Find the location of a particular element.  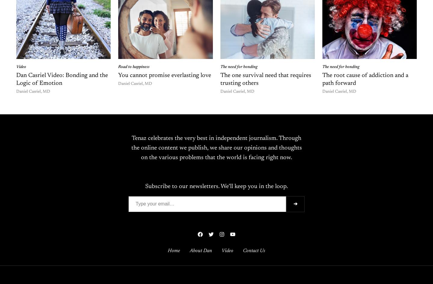

'Subscribe to our newsletters. We’ll keep you in the loop.' is located at coordinates (144, 187).